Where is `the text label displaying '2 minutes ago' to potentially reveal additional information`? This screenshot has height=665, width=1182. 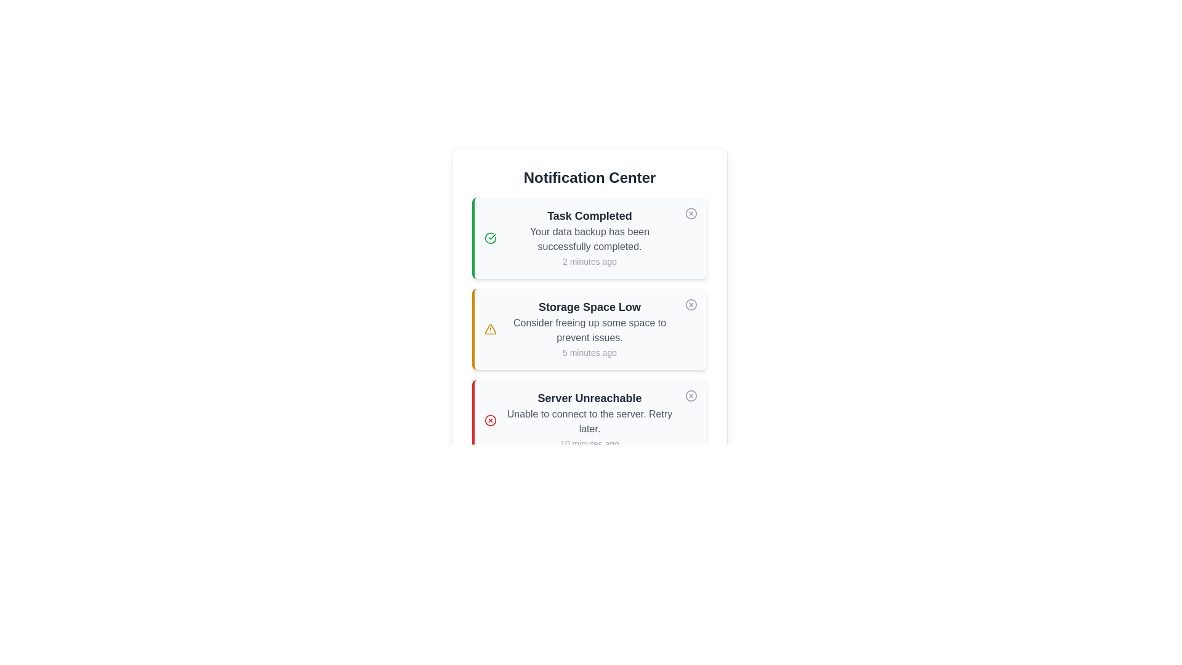
the text label displaying '2 minutes ago' to potentially reveal additional information is located at coordinates (589, 260).